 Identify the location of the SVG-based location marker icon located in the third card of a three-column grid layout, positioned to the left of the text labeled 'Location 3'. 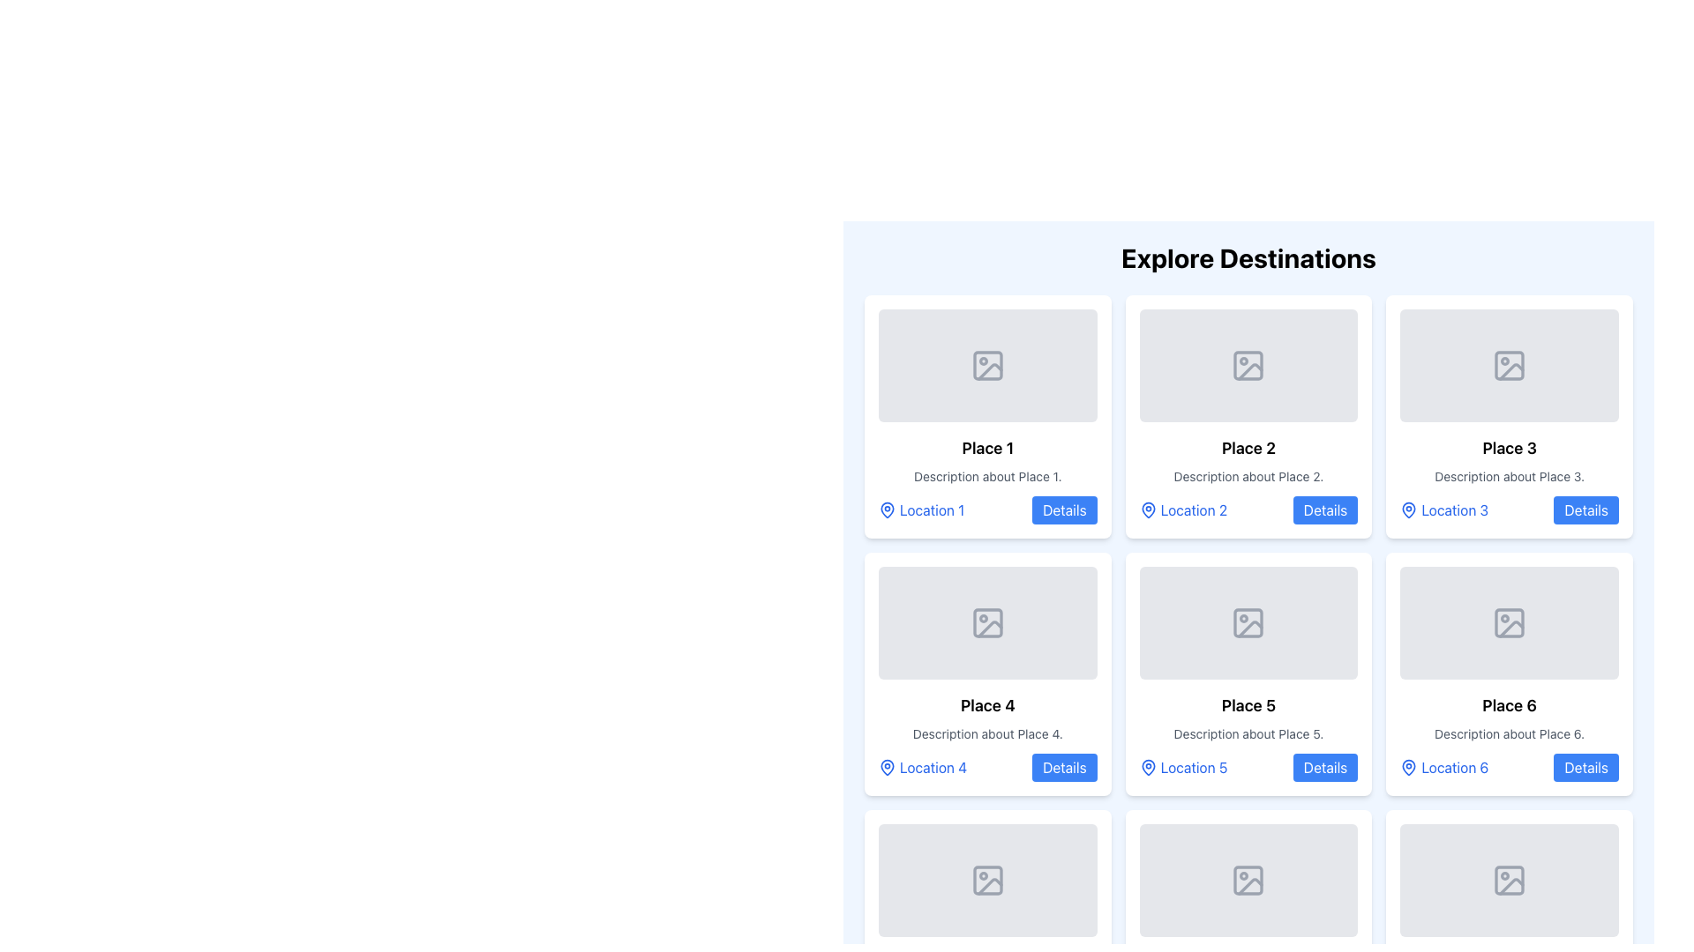
(1408, 509).